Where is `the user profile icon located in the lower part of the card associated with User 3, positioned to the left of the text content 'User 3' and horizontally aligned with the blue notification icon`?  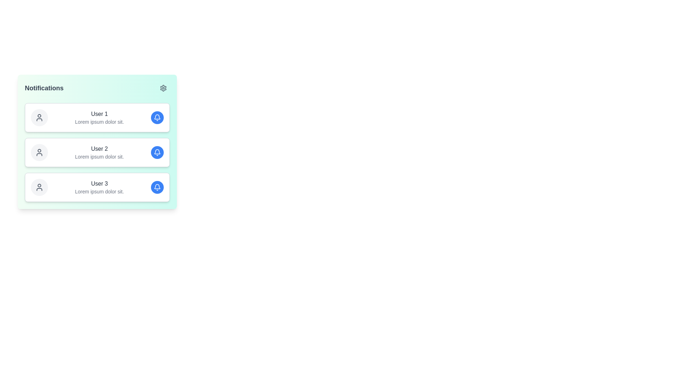 the user profile icon located in the lower part of the card associated with User 3, positioned to the left of the text content 'User 3' and horizontally aligned with the blue notification icon is located at coordinates (39, 187).